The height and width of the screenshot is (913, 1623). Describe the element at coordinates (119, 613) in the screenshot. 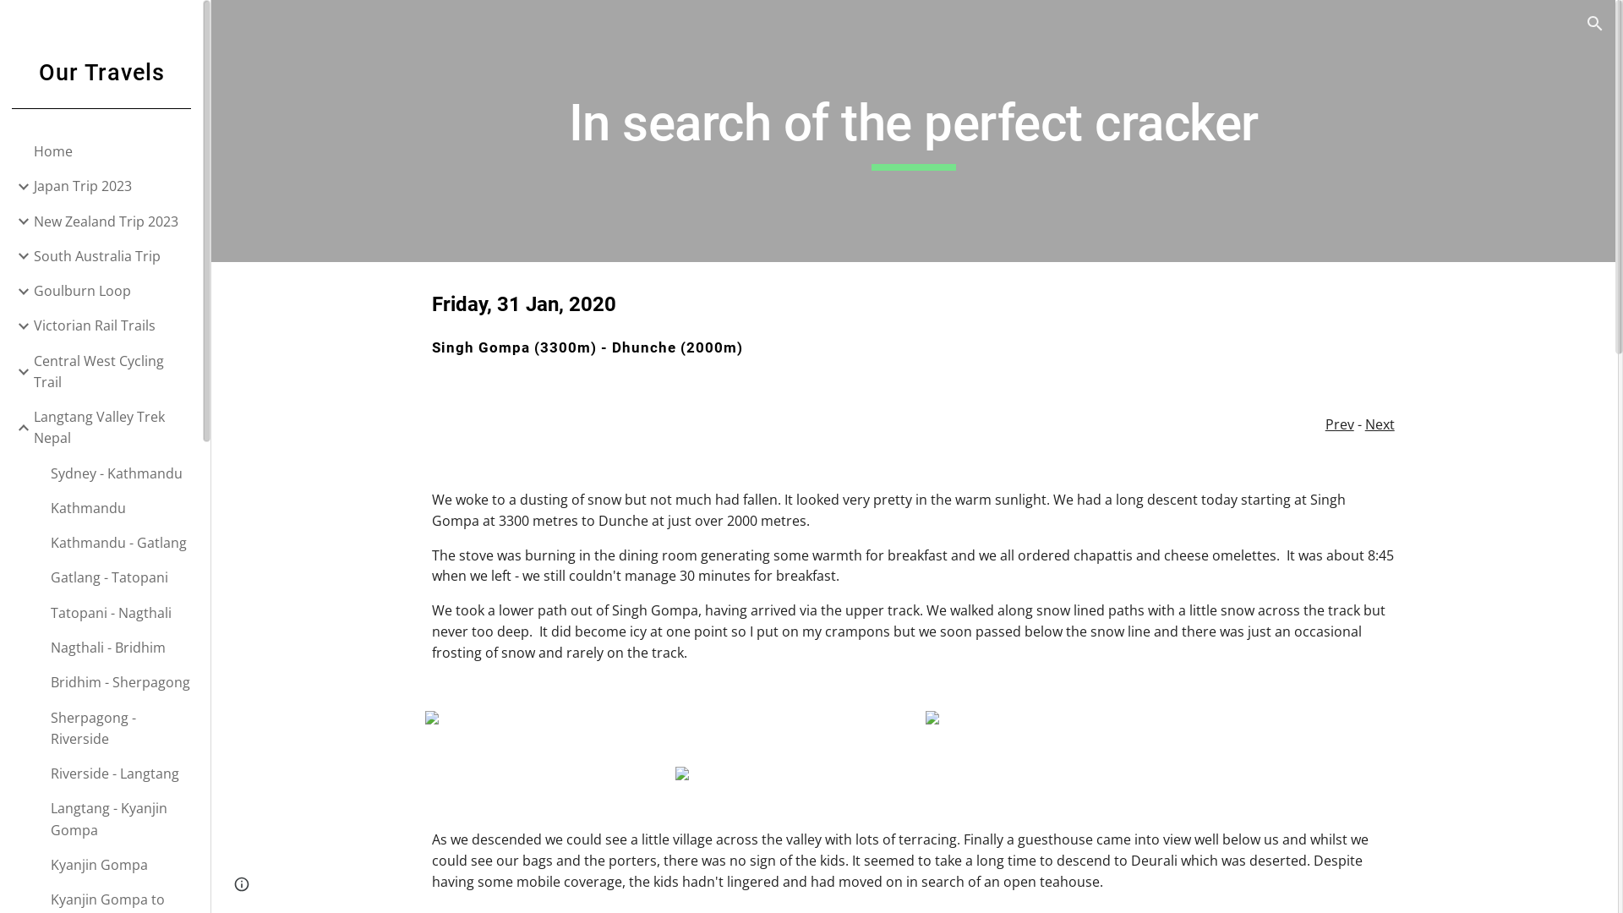

I see `'Tatopani - Nagthali'` at that location.